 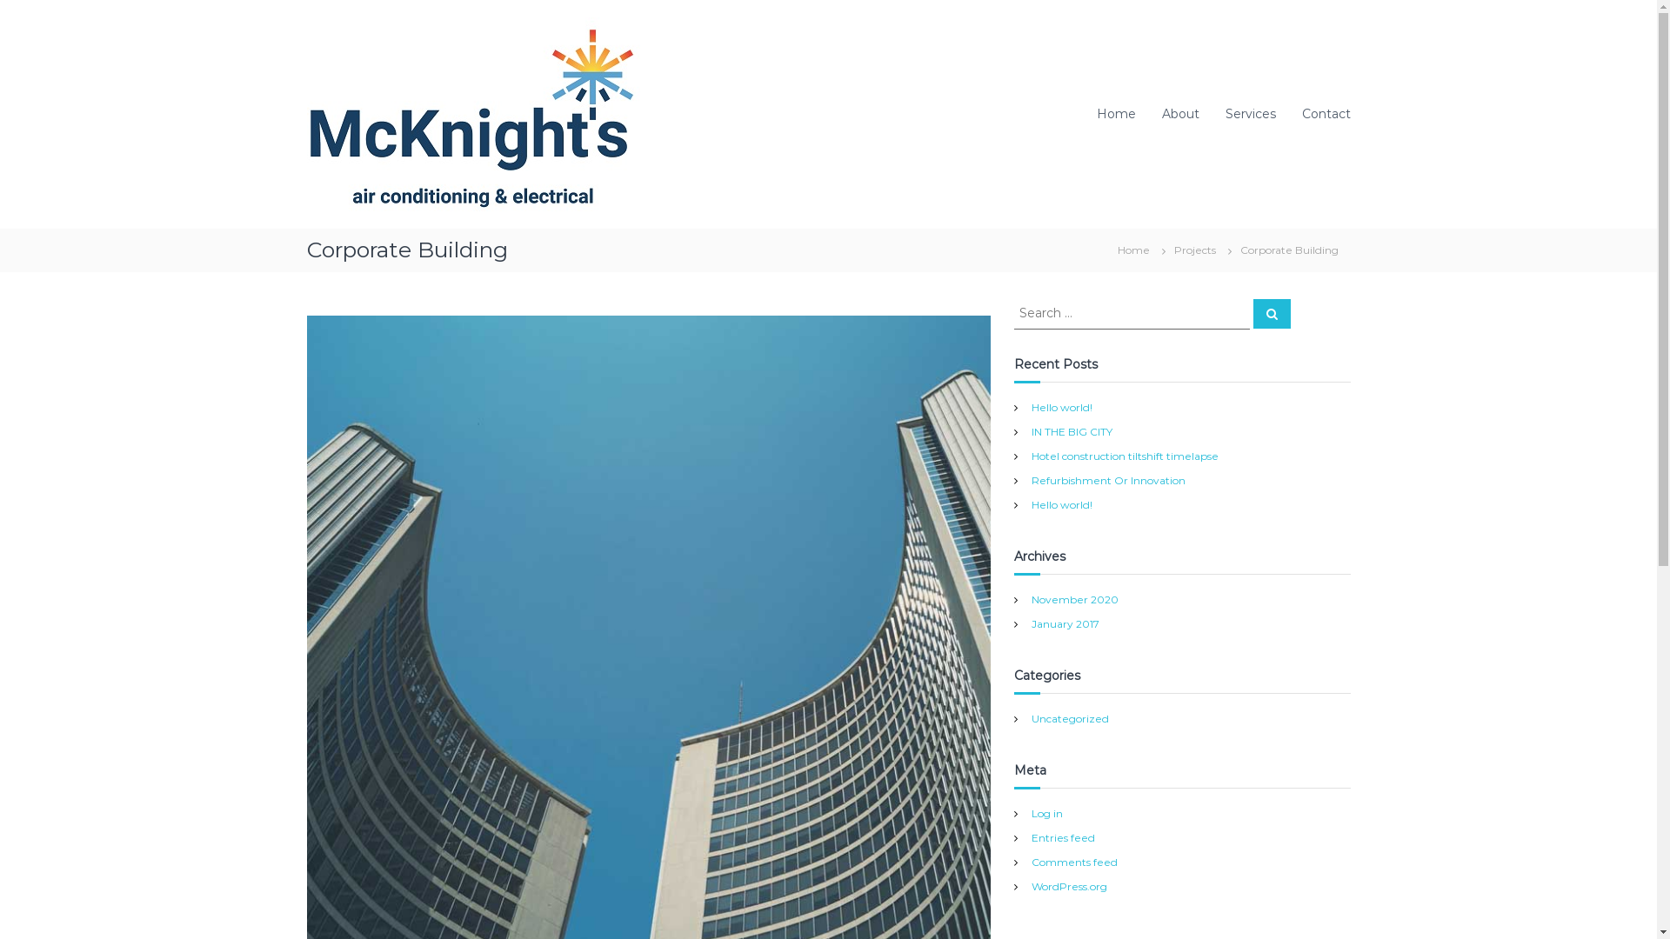 What do you see at coordinates (1062, 836) in the screenshot?
I see `'Entries feed'` at bounding box center [1062, 836].